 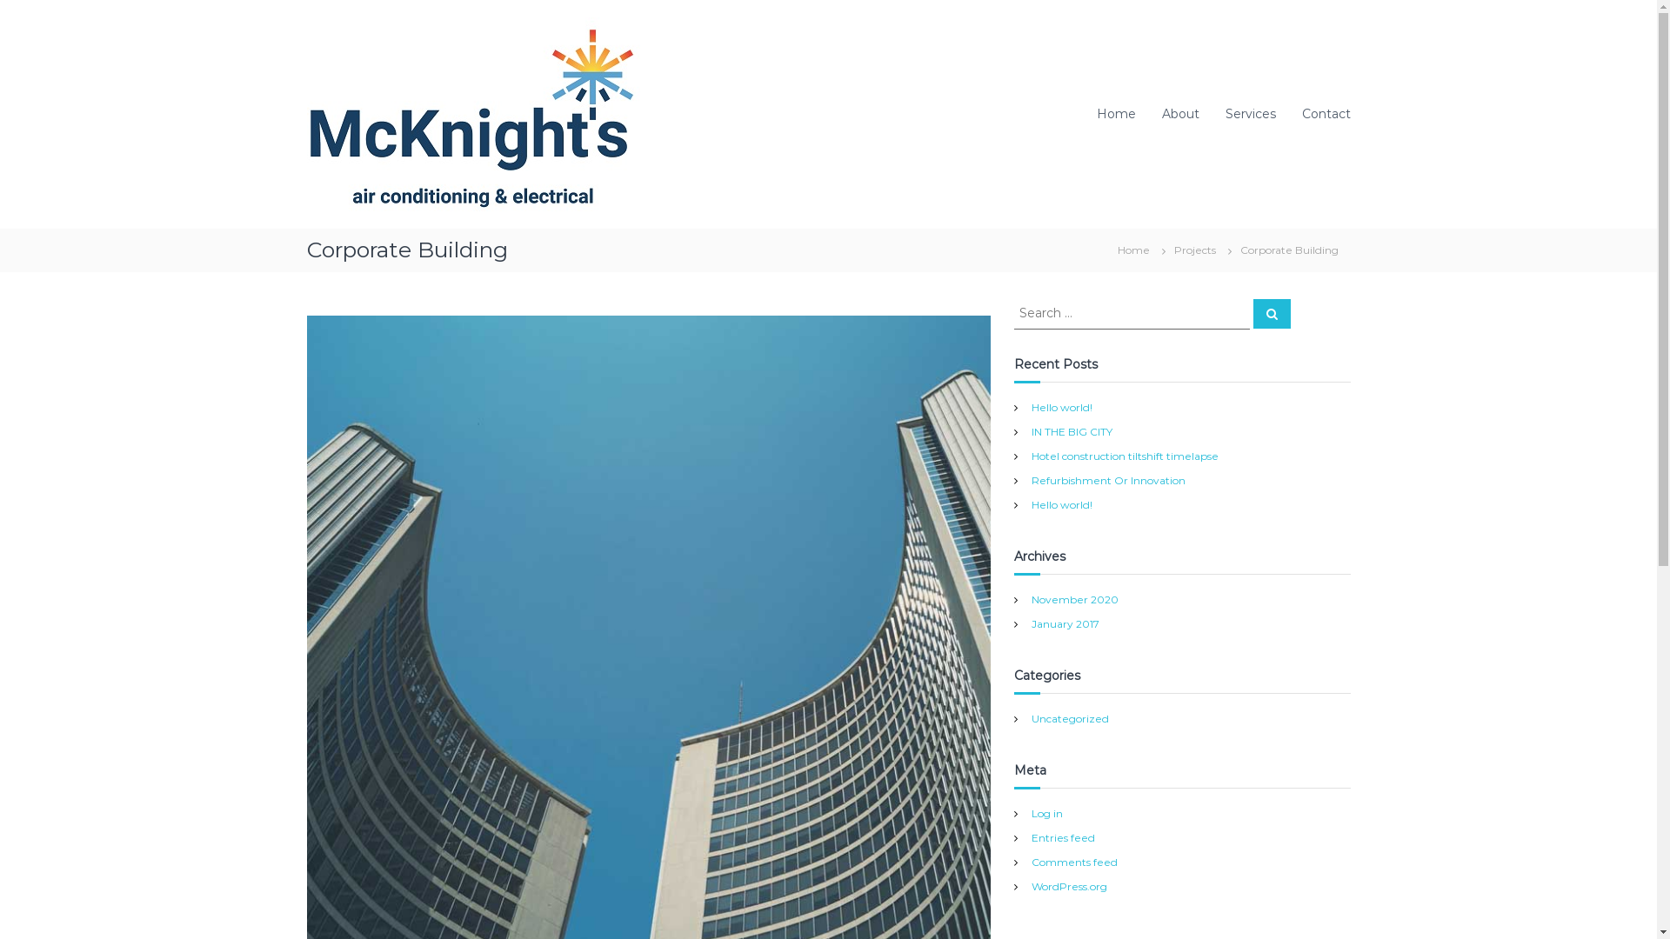 What do you see at coordinates (1062, 836) in the screenshot?
I see `'Entries feed'` at bounding box center [1062, 836].